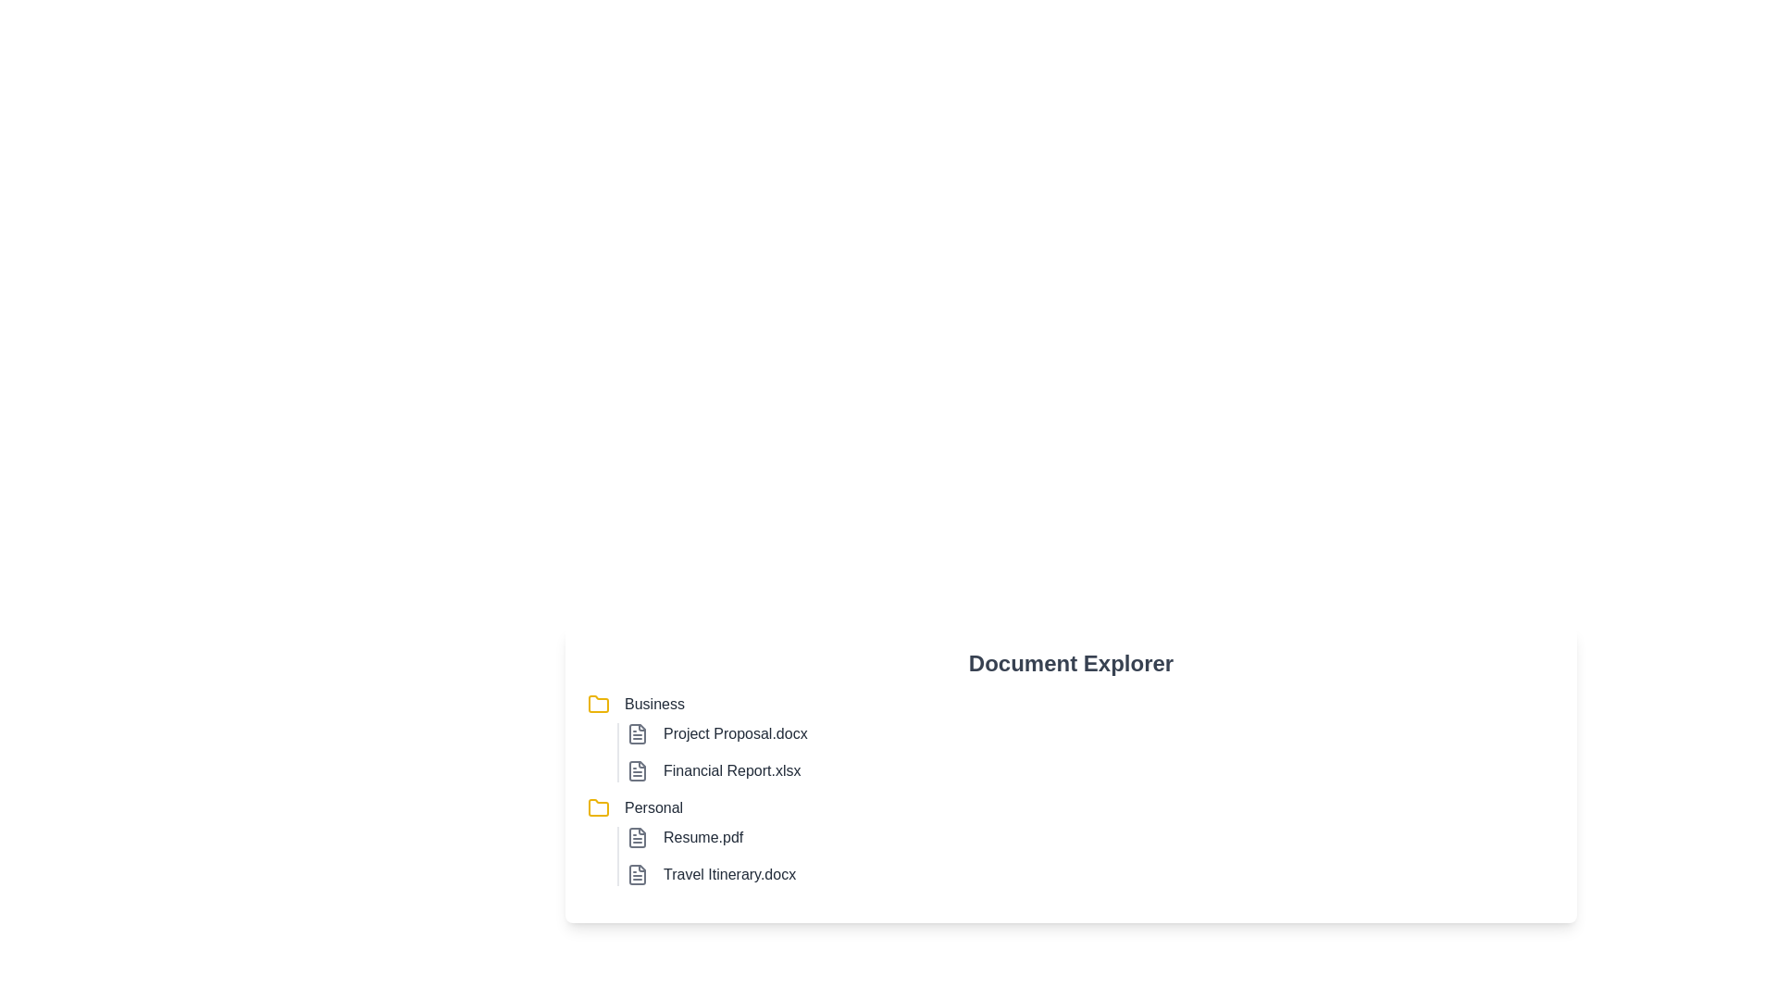 Image resolution: width=1777 pixels, height=1000 pixels. Describe the element at coordinates (638, 733) in the screenshot. I see `the document file icon located to the left of 'Project Proposal.docx'` at that location.